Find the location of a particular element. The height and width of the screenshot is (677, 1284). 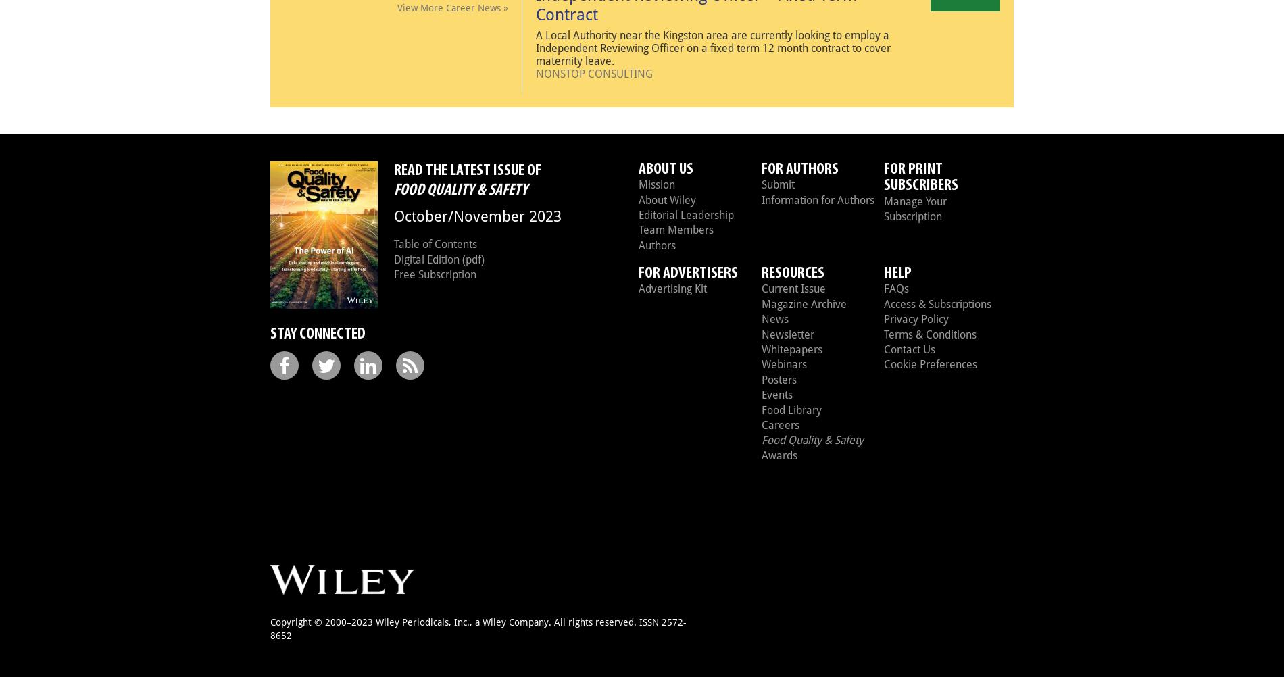

'For Authors' is located at coordinates (799, 168).